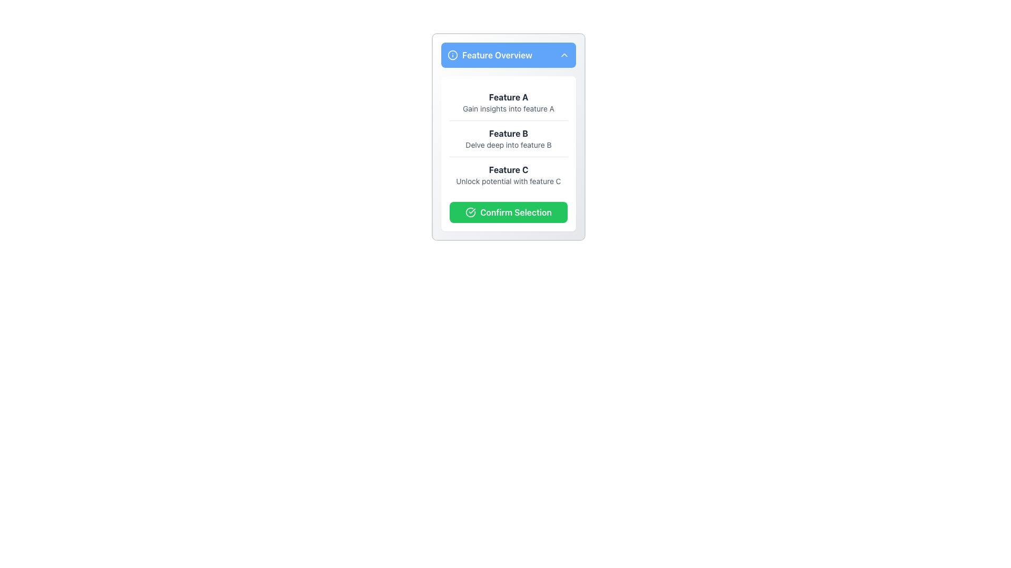  Describe the element at coordinates (508, 97) in the screenshot. I see `the Text label serving as a title for the 'Feature Overview' section` at that location.